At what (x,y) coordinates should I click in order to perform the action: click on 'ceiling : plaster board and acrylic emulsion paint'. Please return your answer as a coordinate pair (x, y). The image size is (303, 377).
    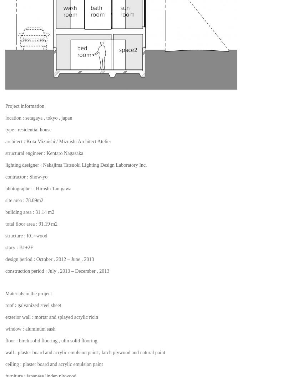
    Looking at the image, I should click on (5, 363).